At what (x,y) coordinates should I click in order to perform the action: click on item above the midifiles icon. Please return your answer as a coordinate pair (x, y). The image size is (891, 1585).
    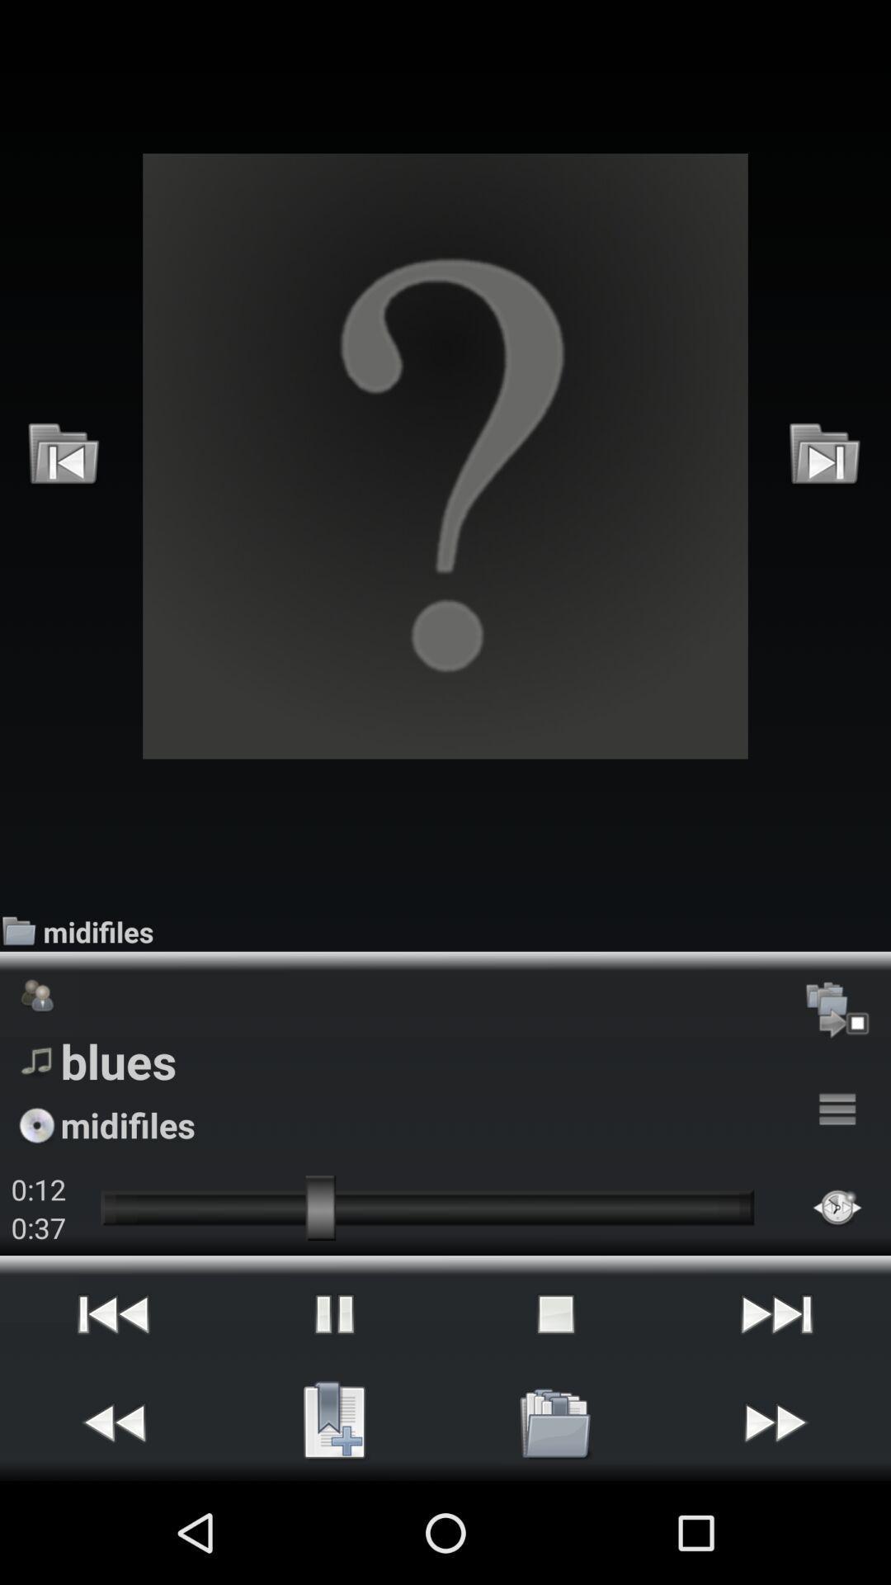
    Looking at the image, I should click on (825, 456).